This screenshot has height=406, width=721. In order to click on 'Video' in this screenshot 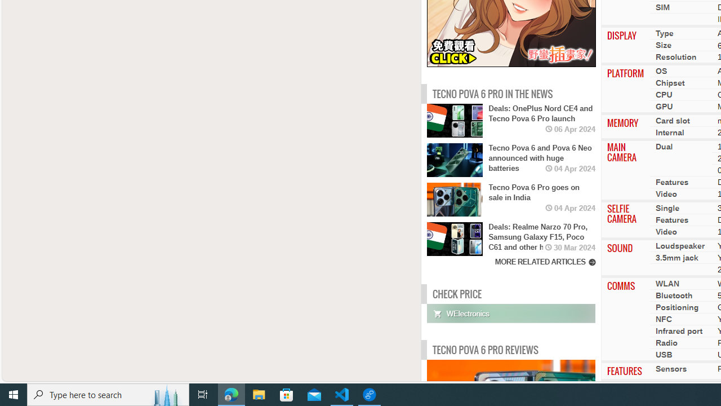, I will do `click(666, 231)`.